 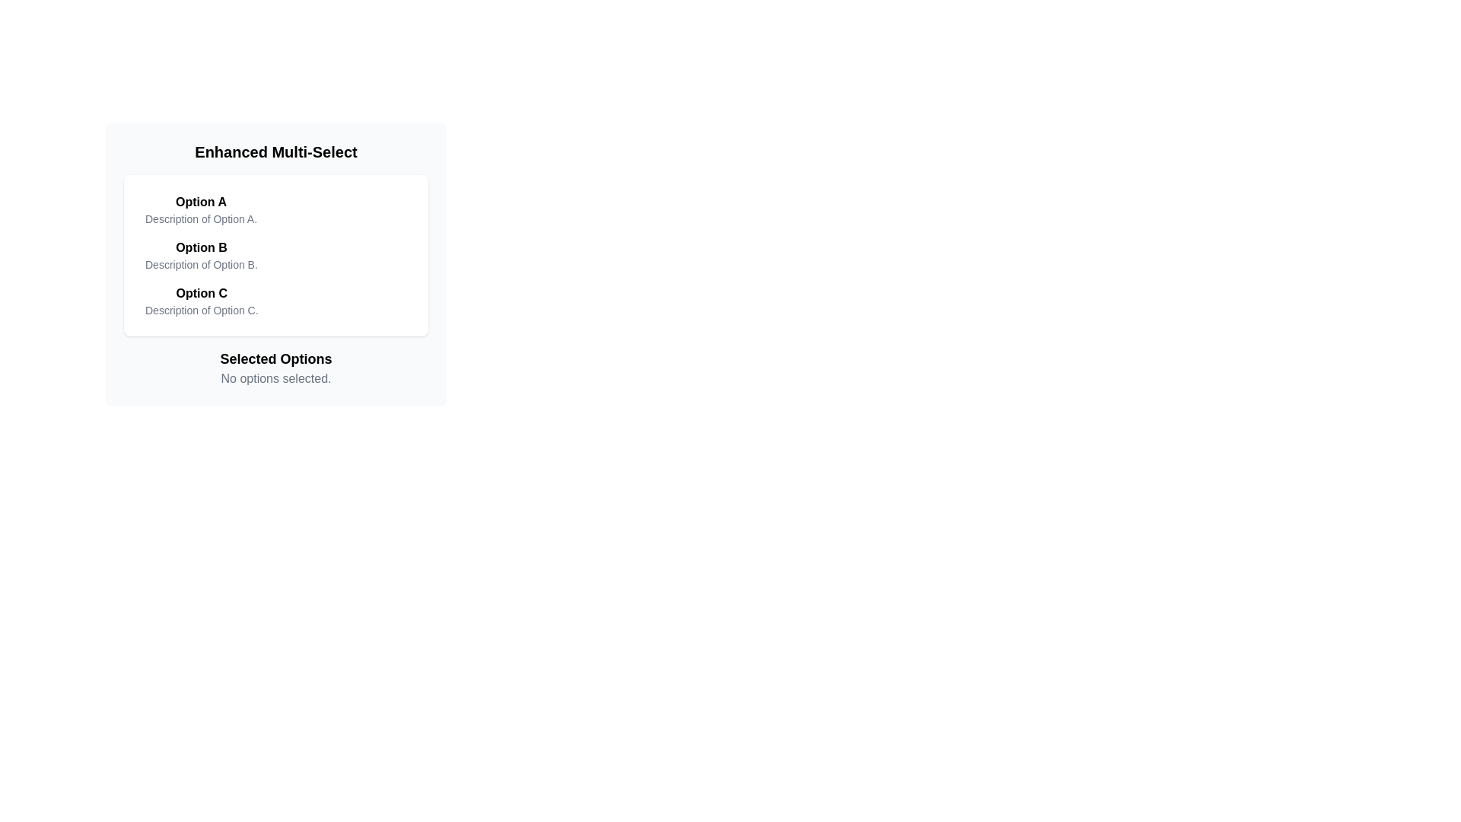 What do you see at coordinates (200, 247) in the screenshot?
I see `the text label displaying 'Option B', which is the second item in the list under 'Enhanced Multi-Select'` at bounding box center [200, 247].